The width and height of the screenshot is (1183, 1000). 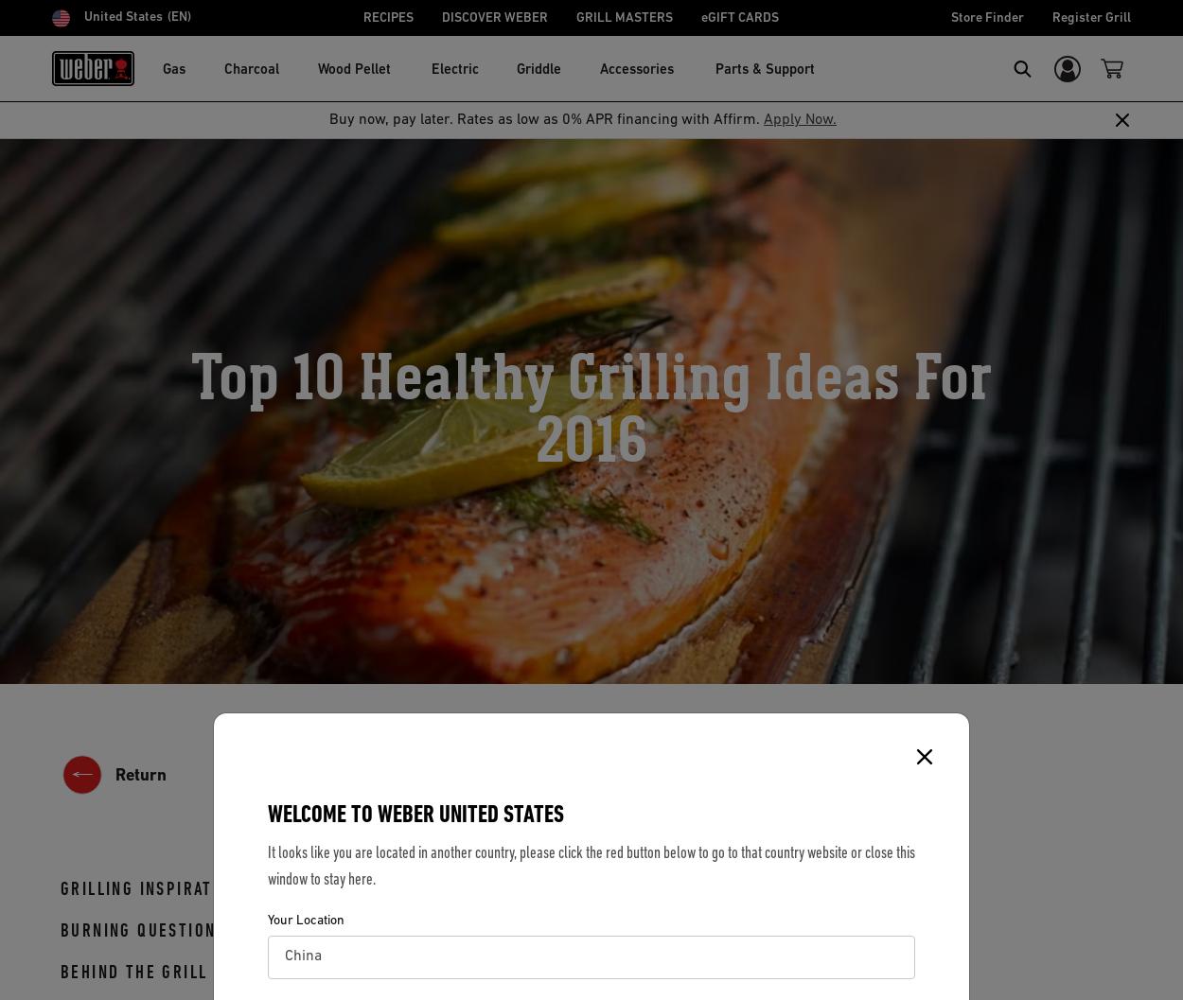 I want to click on 'BURNING QUESTIONS', so click(x=143, y=931).